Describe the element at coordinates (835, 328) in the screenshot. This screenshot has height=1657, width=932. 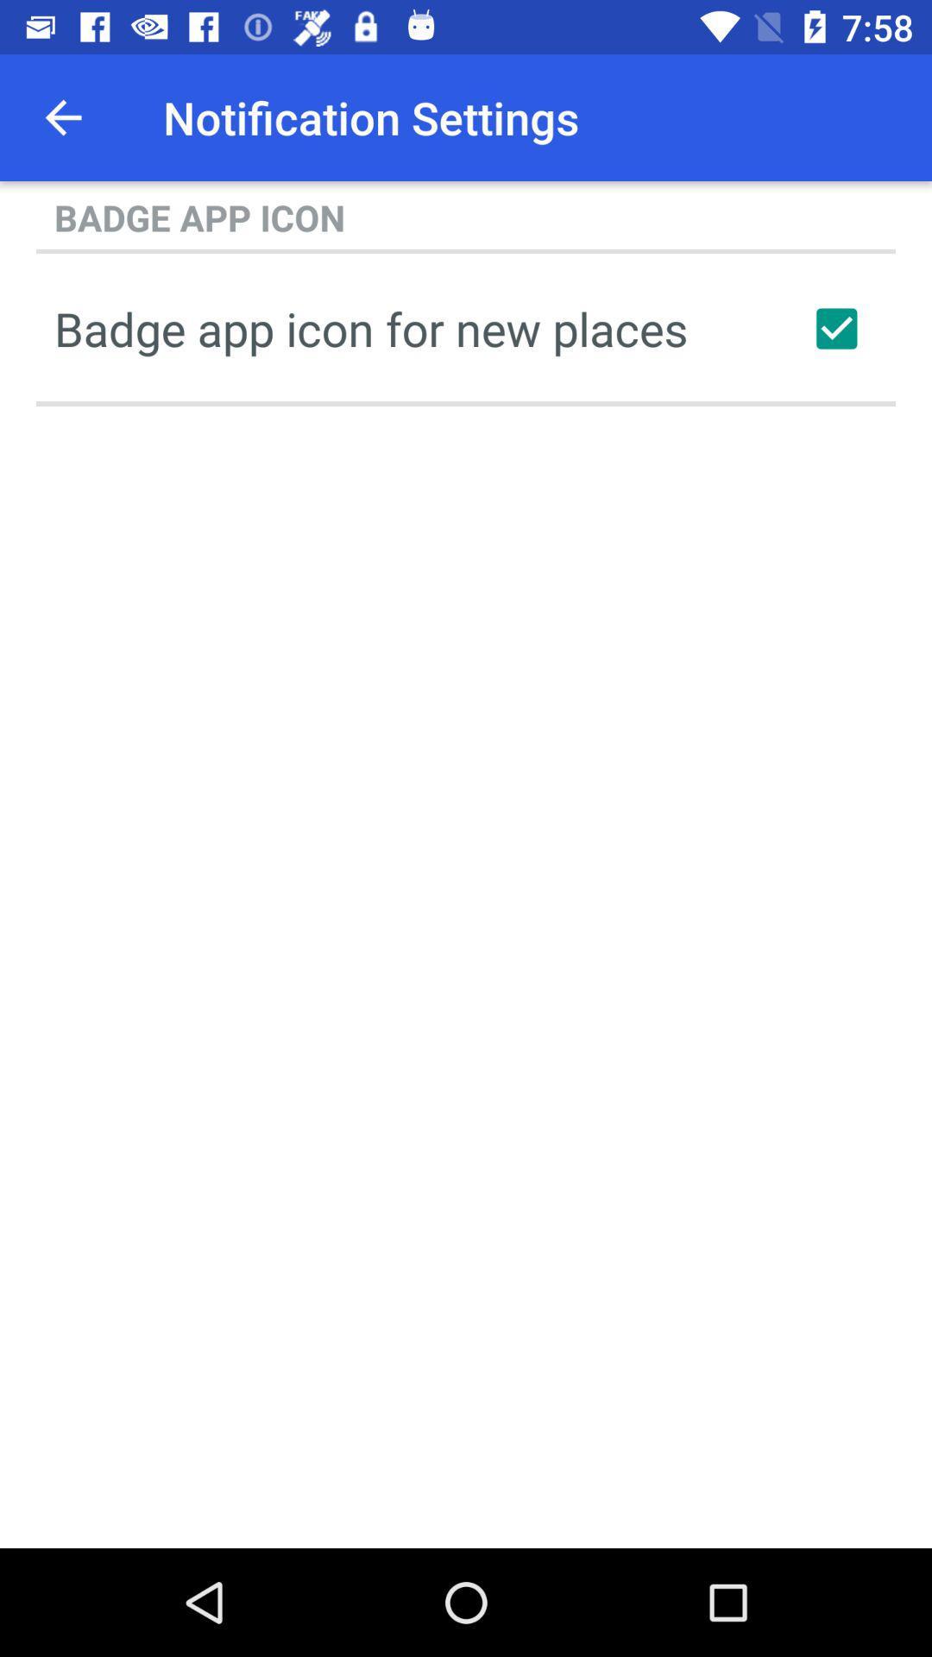
I see `app icon` at that location.